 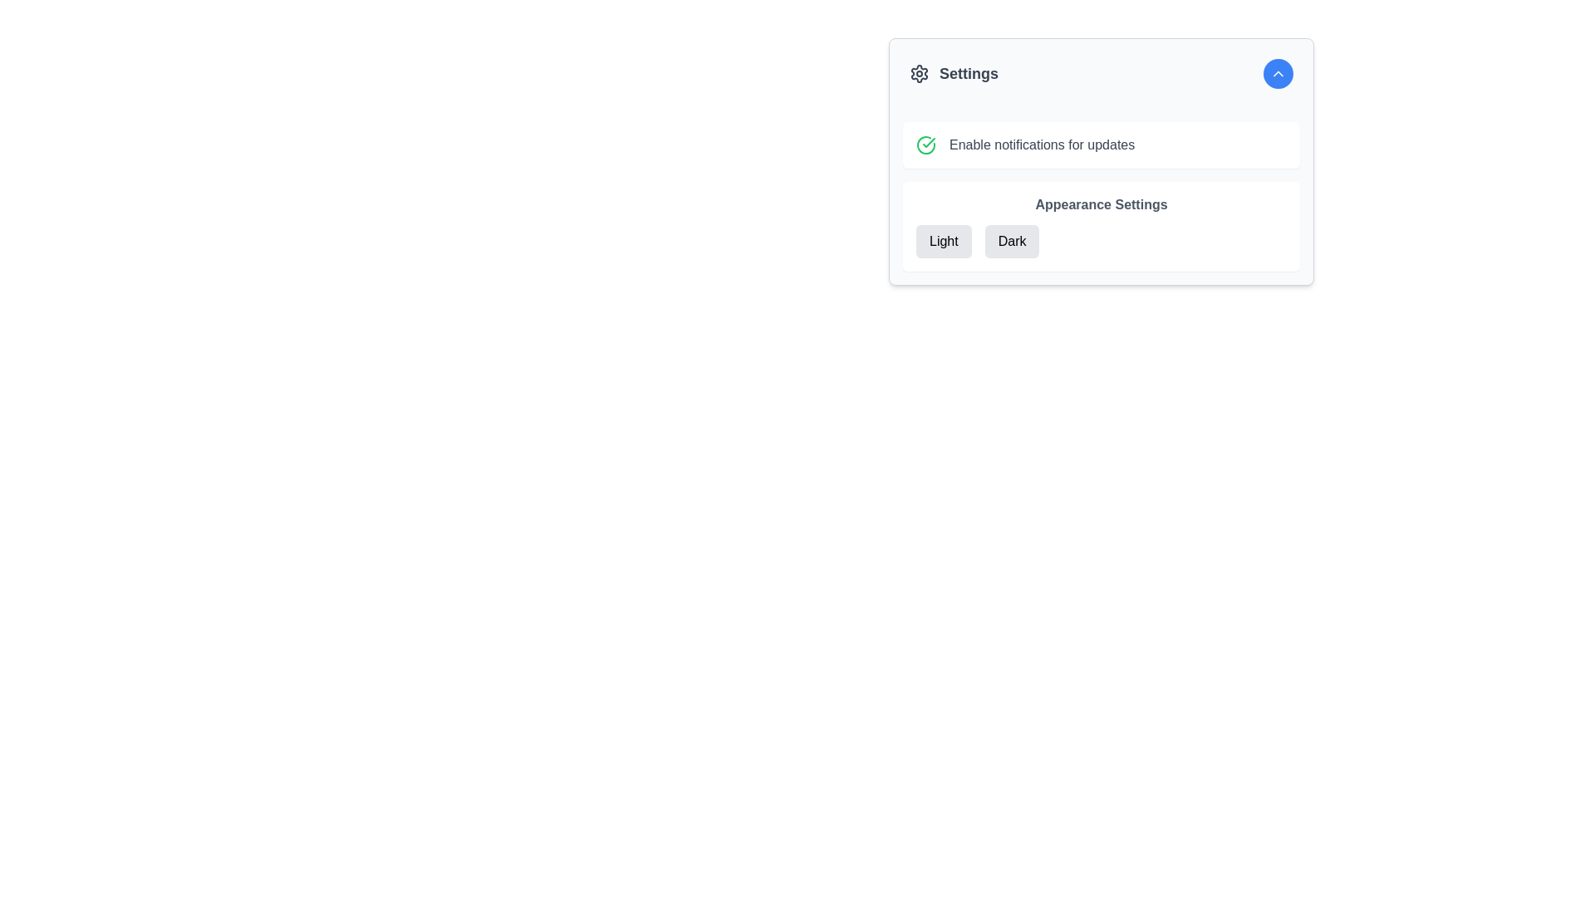 What do you see at coordinates (925, 144) in the screenshot?
I see `the outer circular portion of the checkmark icon located in the top-right corner of the settings interface, adjacent to the 'Enable notifications for updates' checkbox label` at bounding box center [925, 144].